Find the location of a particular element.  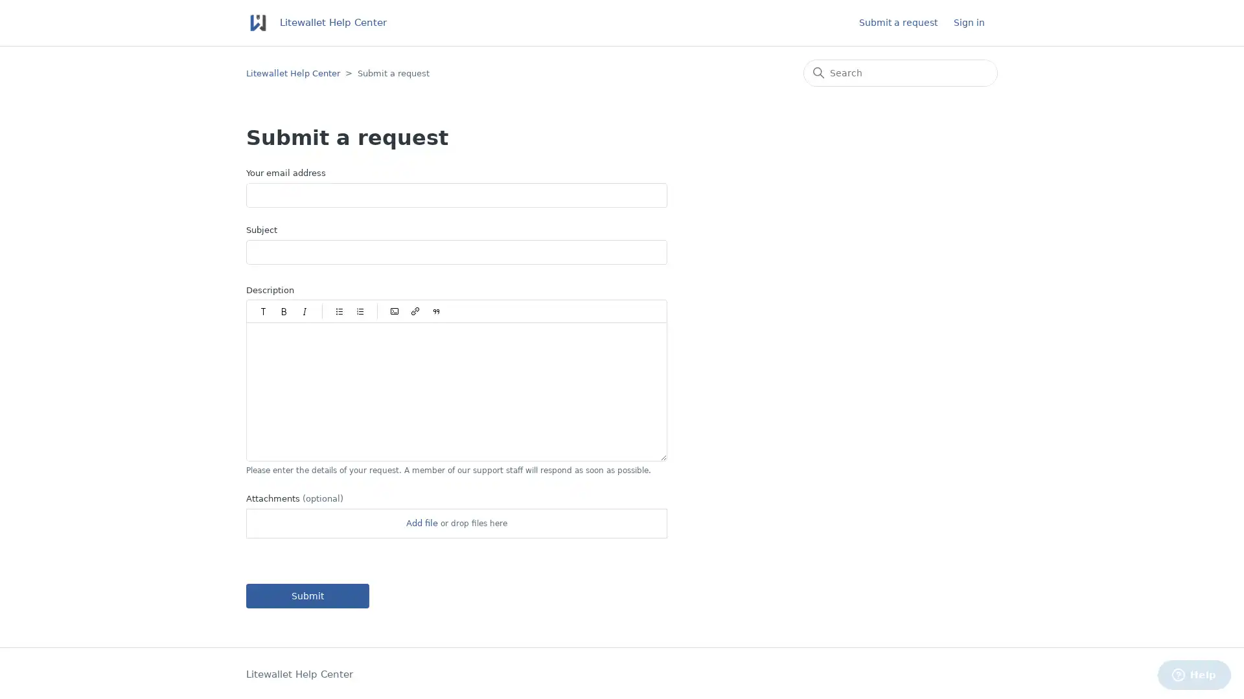

Quote is located at coordinates (435, 311).